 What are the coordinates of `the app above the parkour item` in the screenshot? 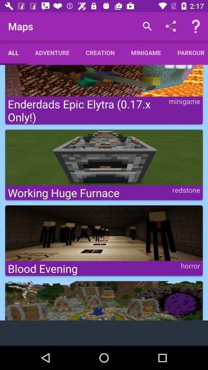 It's located at (196, 26).